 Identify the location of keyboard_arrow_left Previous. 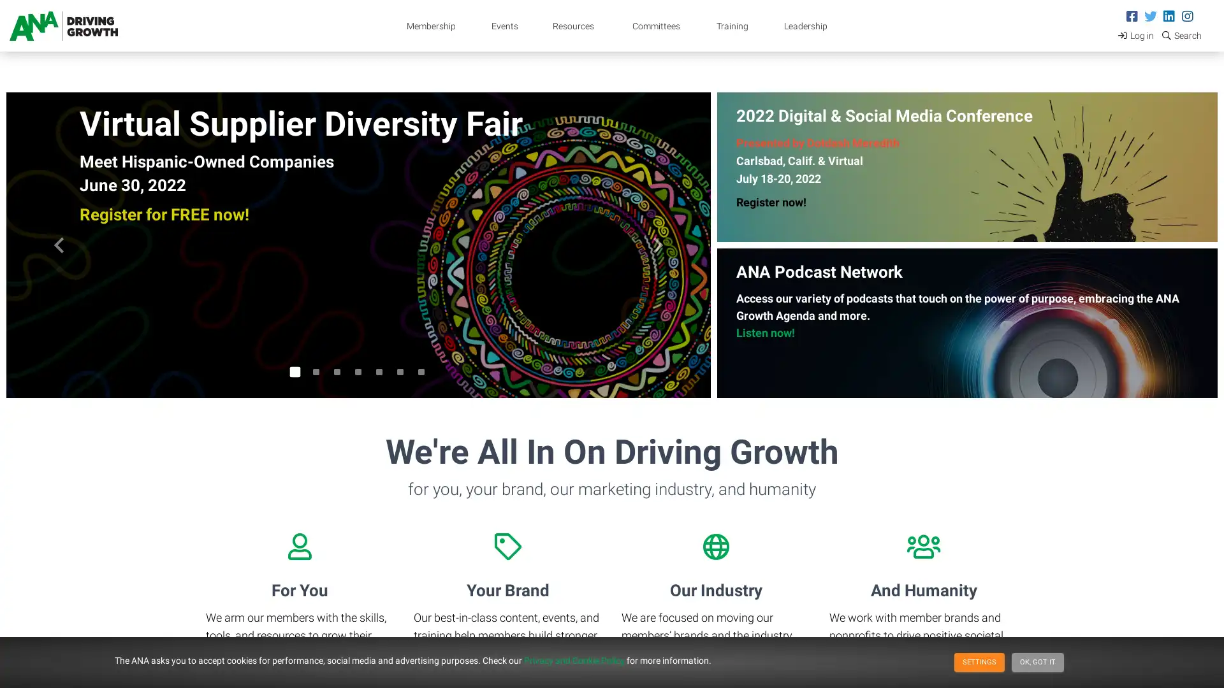
(58, 245).